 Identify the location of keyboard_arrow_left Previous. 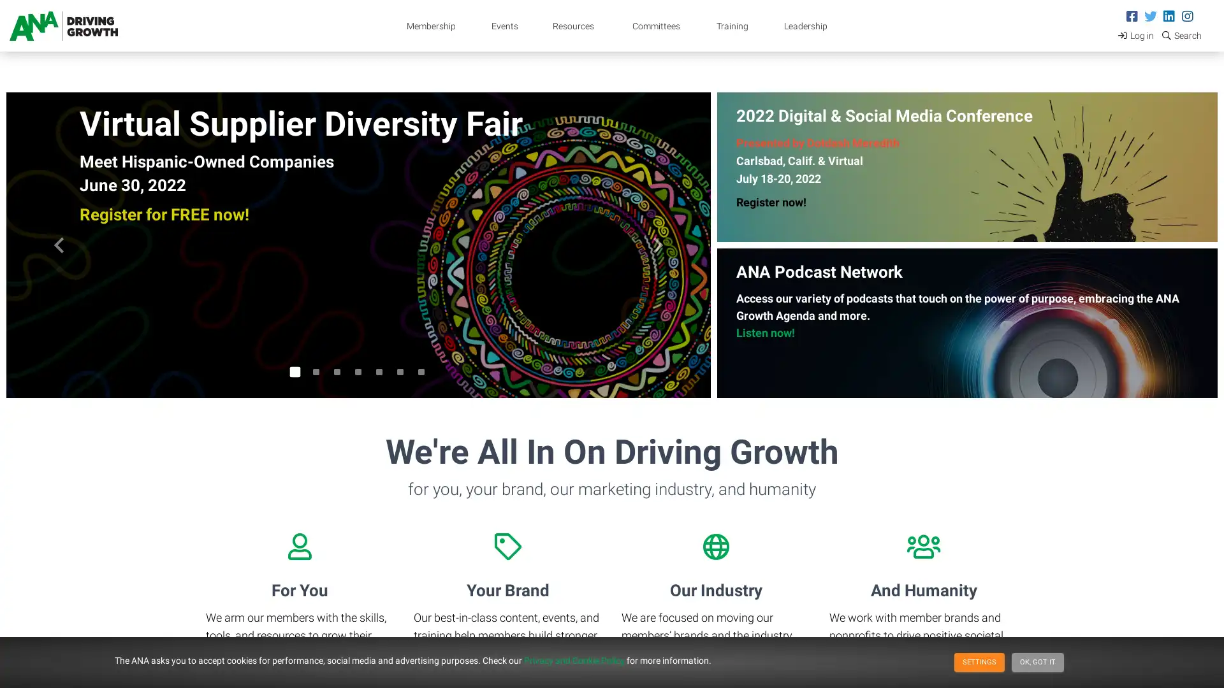
(58, 245).